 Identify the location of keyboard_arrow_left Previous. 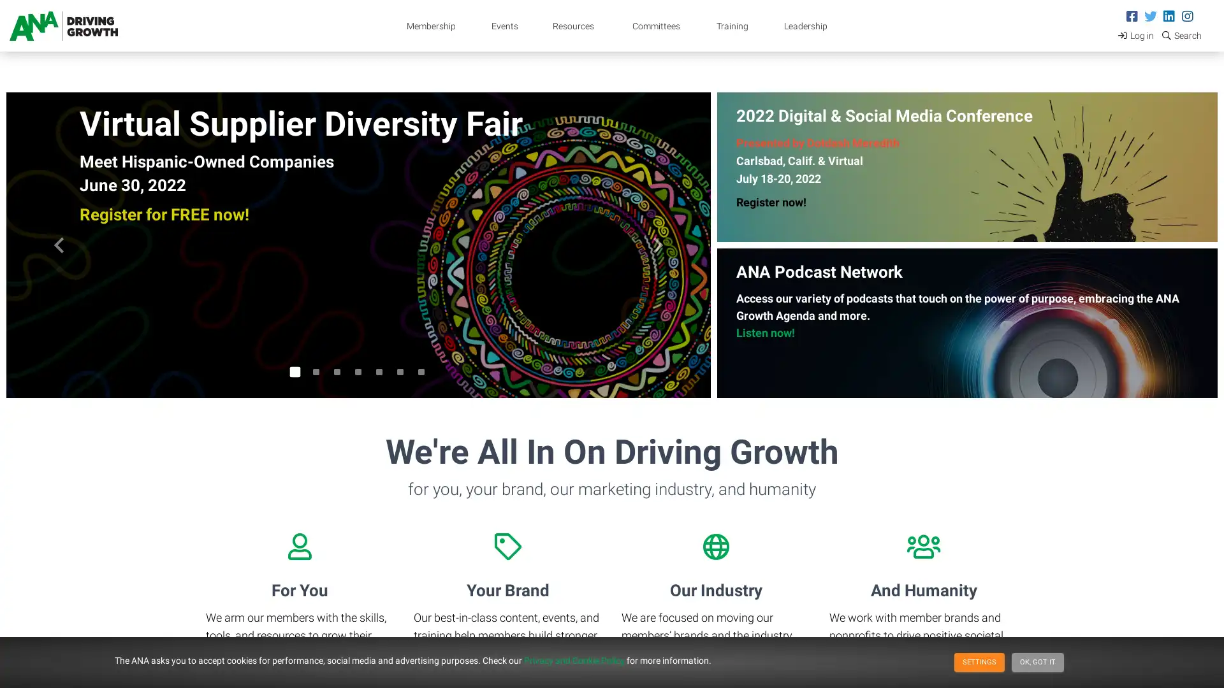
(58, 245).